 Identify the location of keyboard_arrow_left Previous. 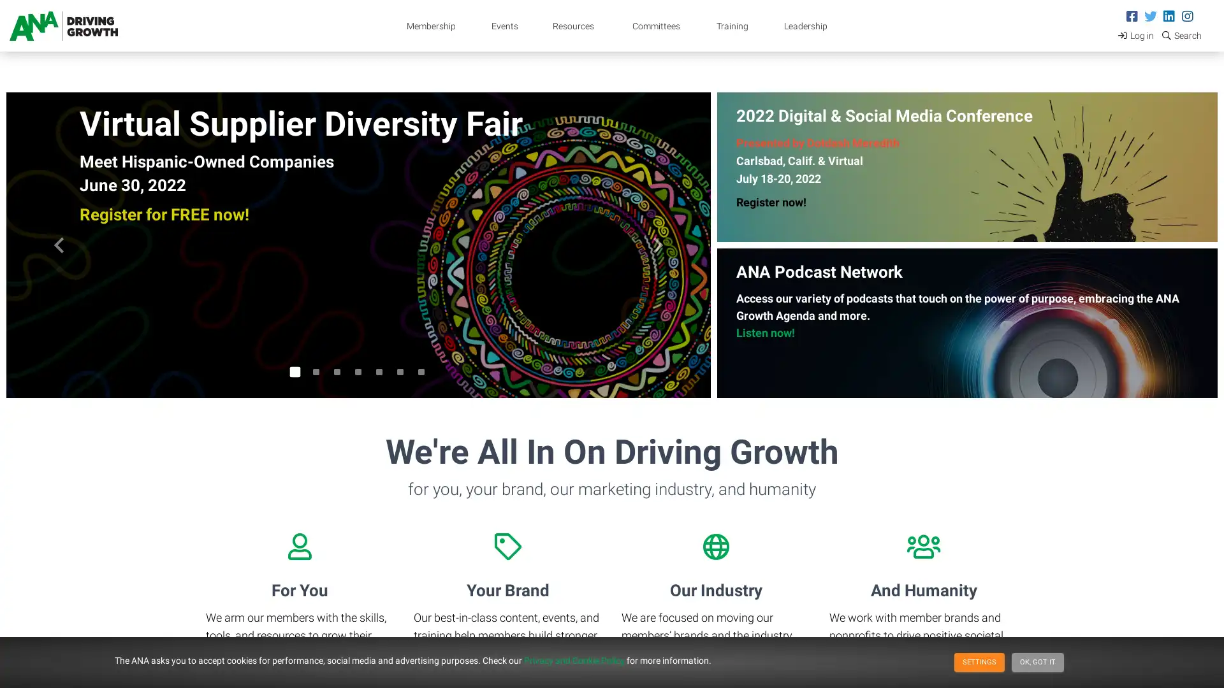
(58, 245).